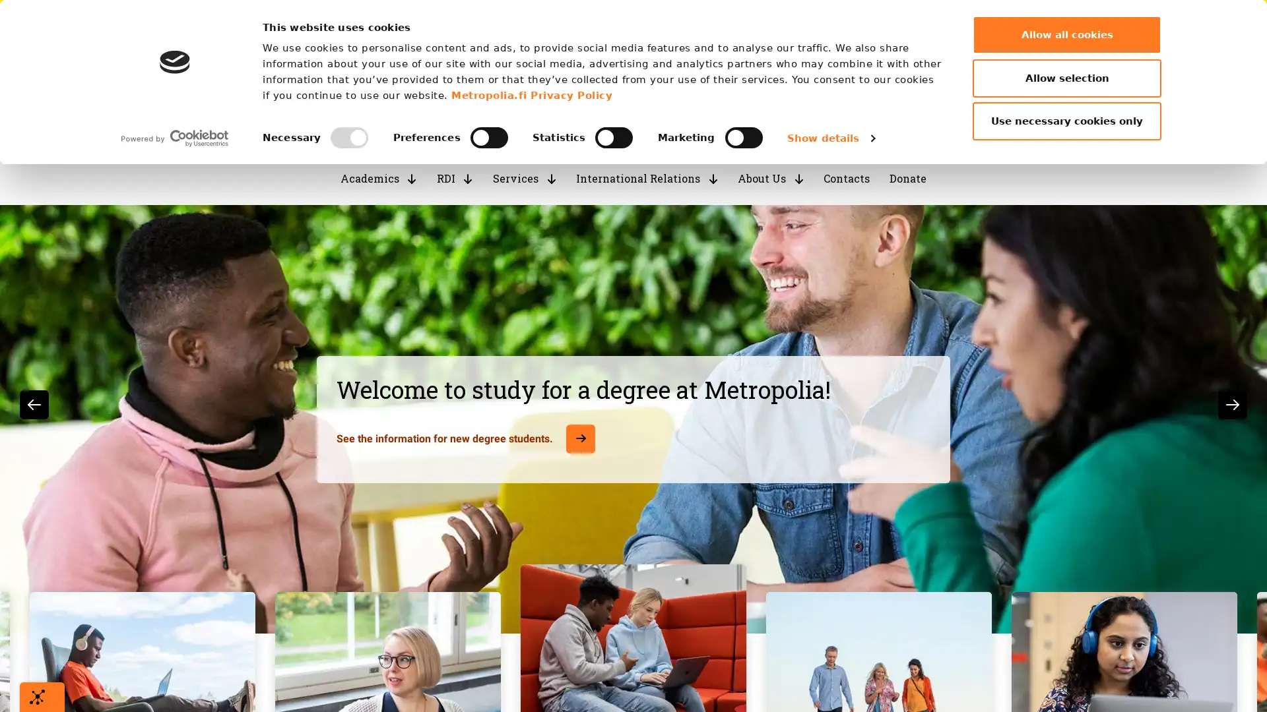  What do you see at coordinates (1241, 15) in the screenshot?
I see `Close marquee` at bounding box center [1241, 15].